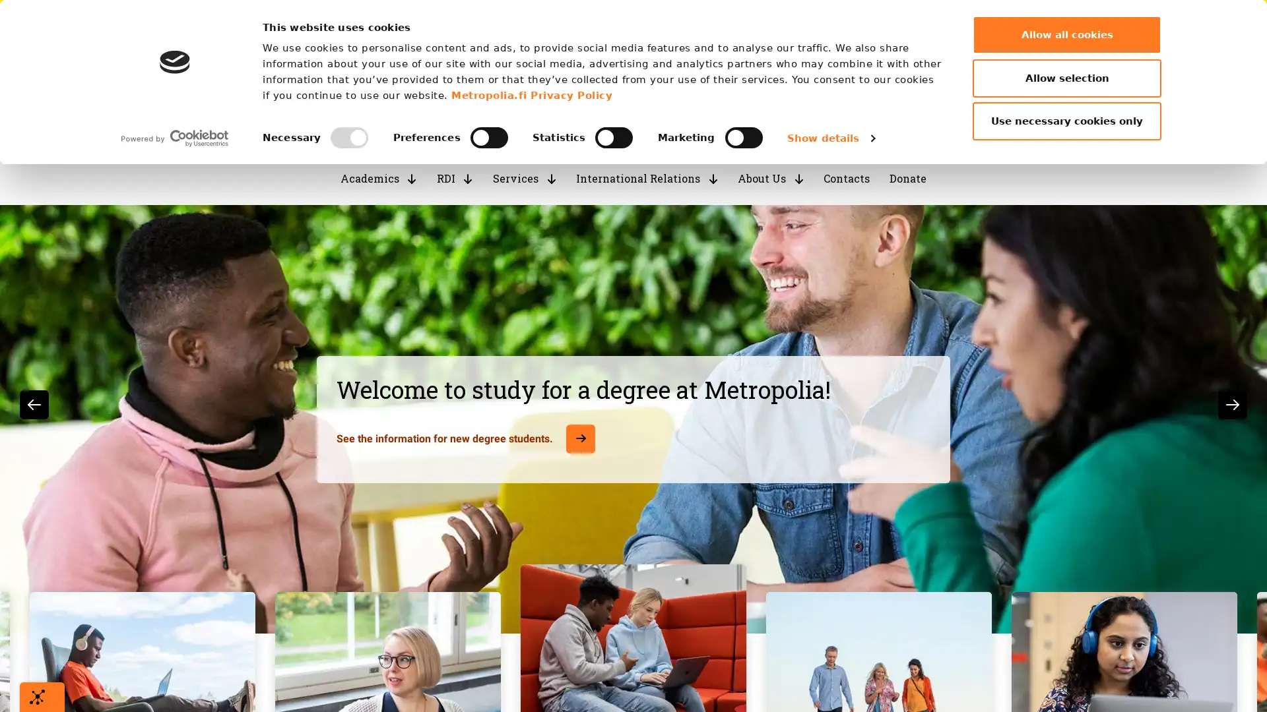  What do you see at coordinates (1241, 15) in the screenshot?
I see `Close marquee` at bounding box center [1241, 15].